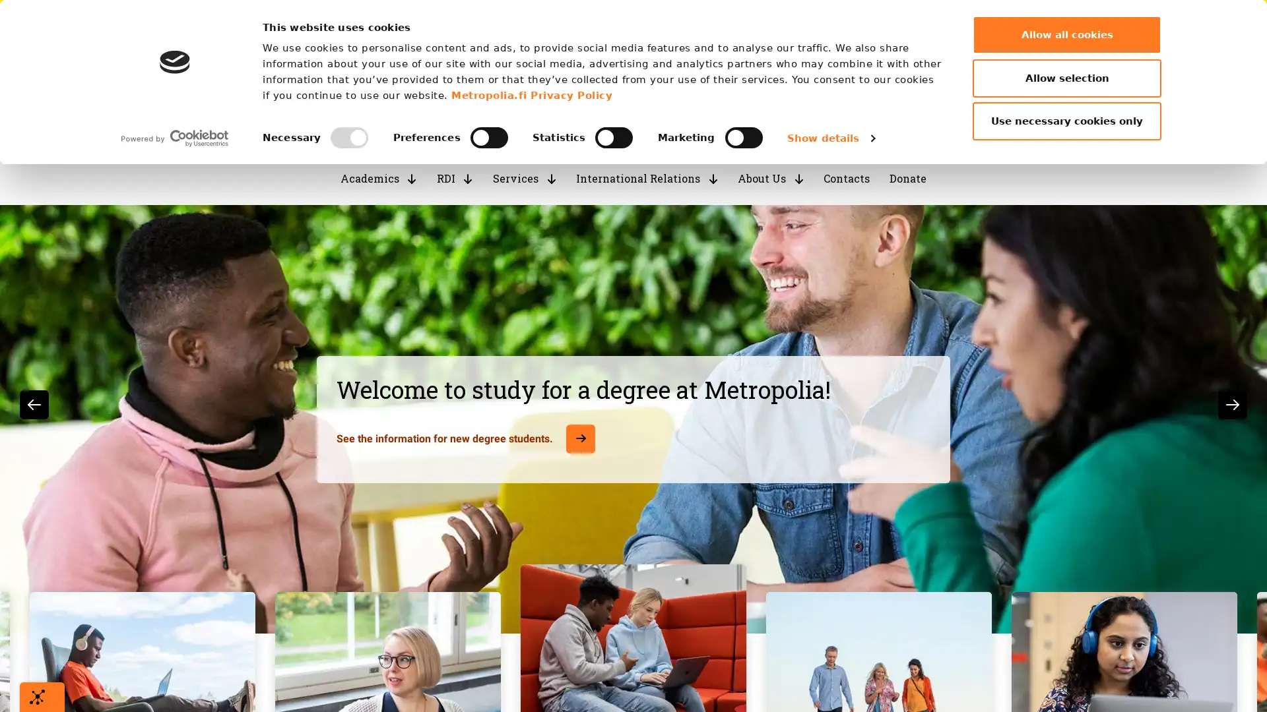  What do you see at coordinates (1241, 15) in the screenshot?
I see `Close marquee` at bounding box center [1241, 15].